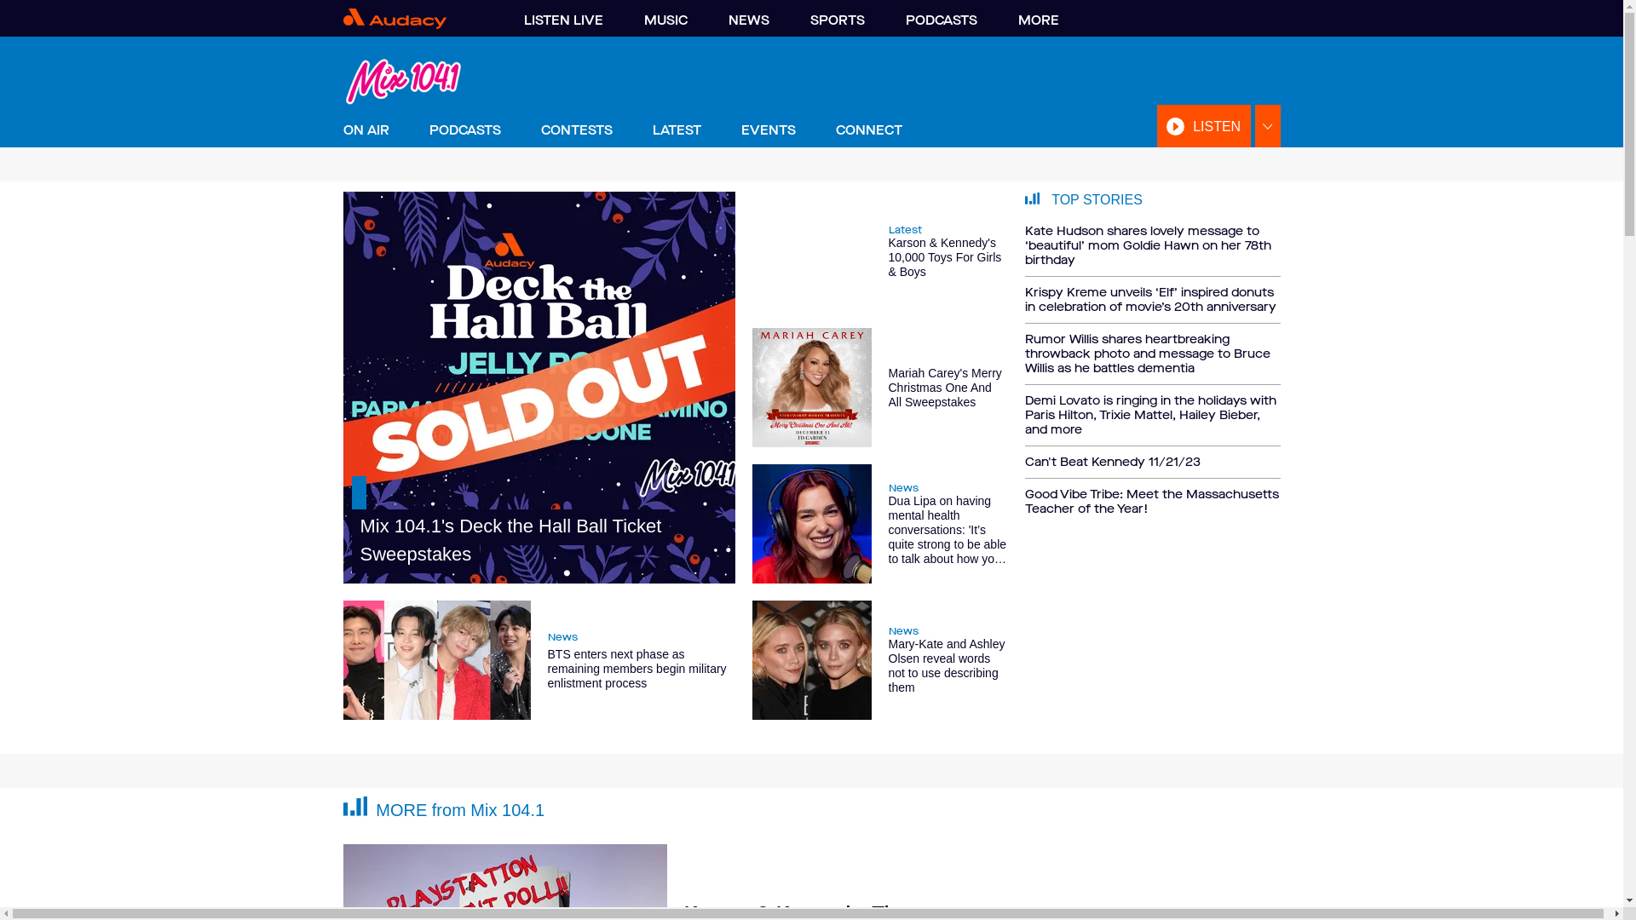 Image resolution: width=1636 pixels, height=920 pixels. What do you see at coordinates (562, 20) in the screenshot?
I see `'LISTEN LIVE'` at bounding box center [562, 20].